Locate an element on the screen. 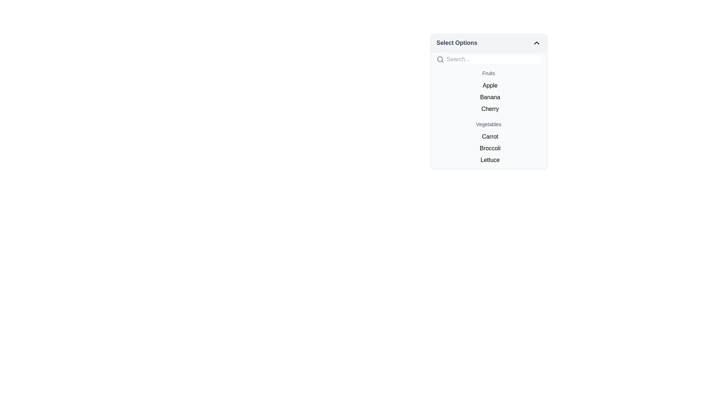 The image size is (701, 394). the individual items in the 'Vegetables' list located in the dropdown menu under the 'Select Options' heading is located at coordinates (489, 143).